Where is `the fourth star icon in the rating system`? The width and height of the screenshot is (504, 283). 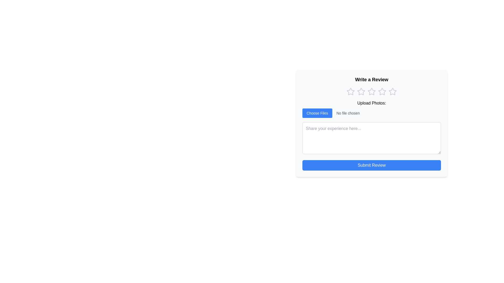
the fourth star icon in the rating system is located at coordinates (382, 91).